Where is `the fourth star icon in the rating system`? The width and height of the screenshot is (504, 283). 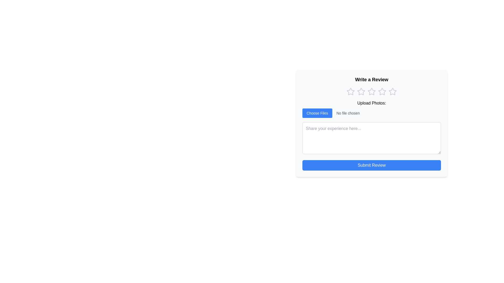
the fourth star icon in the rating system is located at coordinates (382, 91).